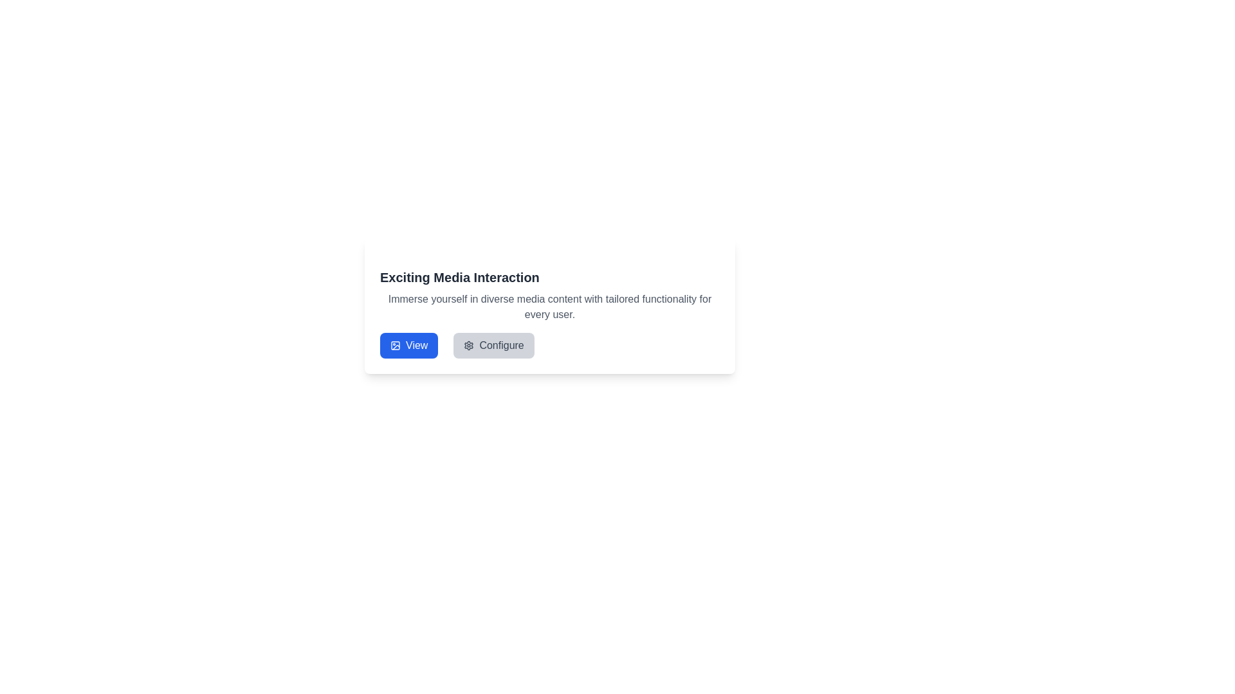 This screenshot has height=694, width=1235. Describe the element at coordinates (493, 344) in the screenshot. I see `the settings button located to the right of the 'View' button in the 'Exciting Media Interaction' section` at that location.